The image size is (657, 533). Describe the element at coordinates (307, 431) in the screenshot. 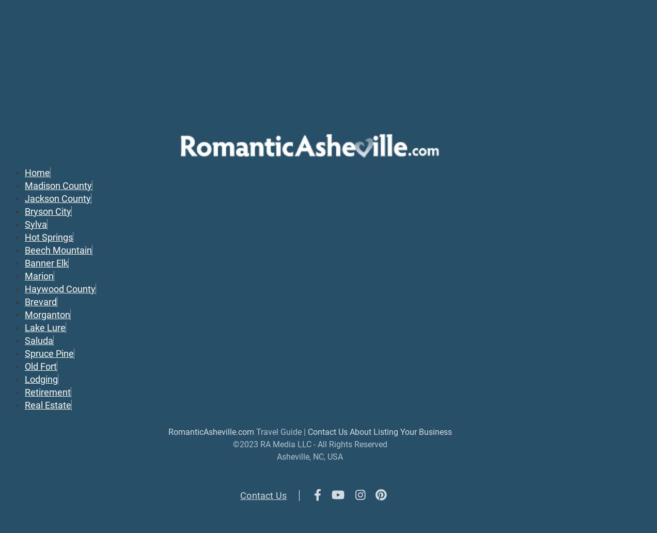

I see `'Contact Us About Listing Your Business'` at that location.